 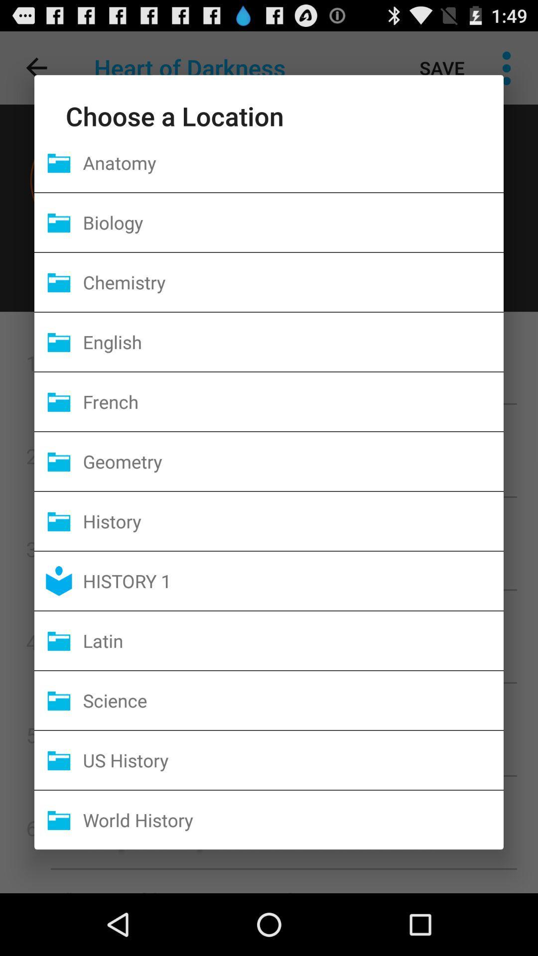 I want to click on the english icon, so click(x=292, y=342).